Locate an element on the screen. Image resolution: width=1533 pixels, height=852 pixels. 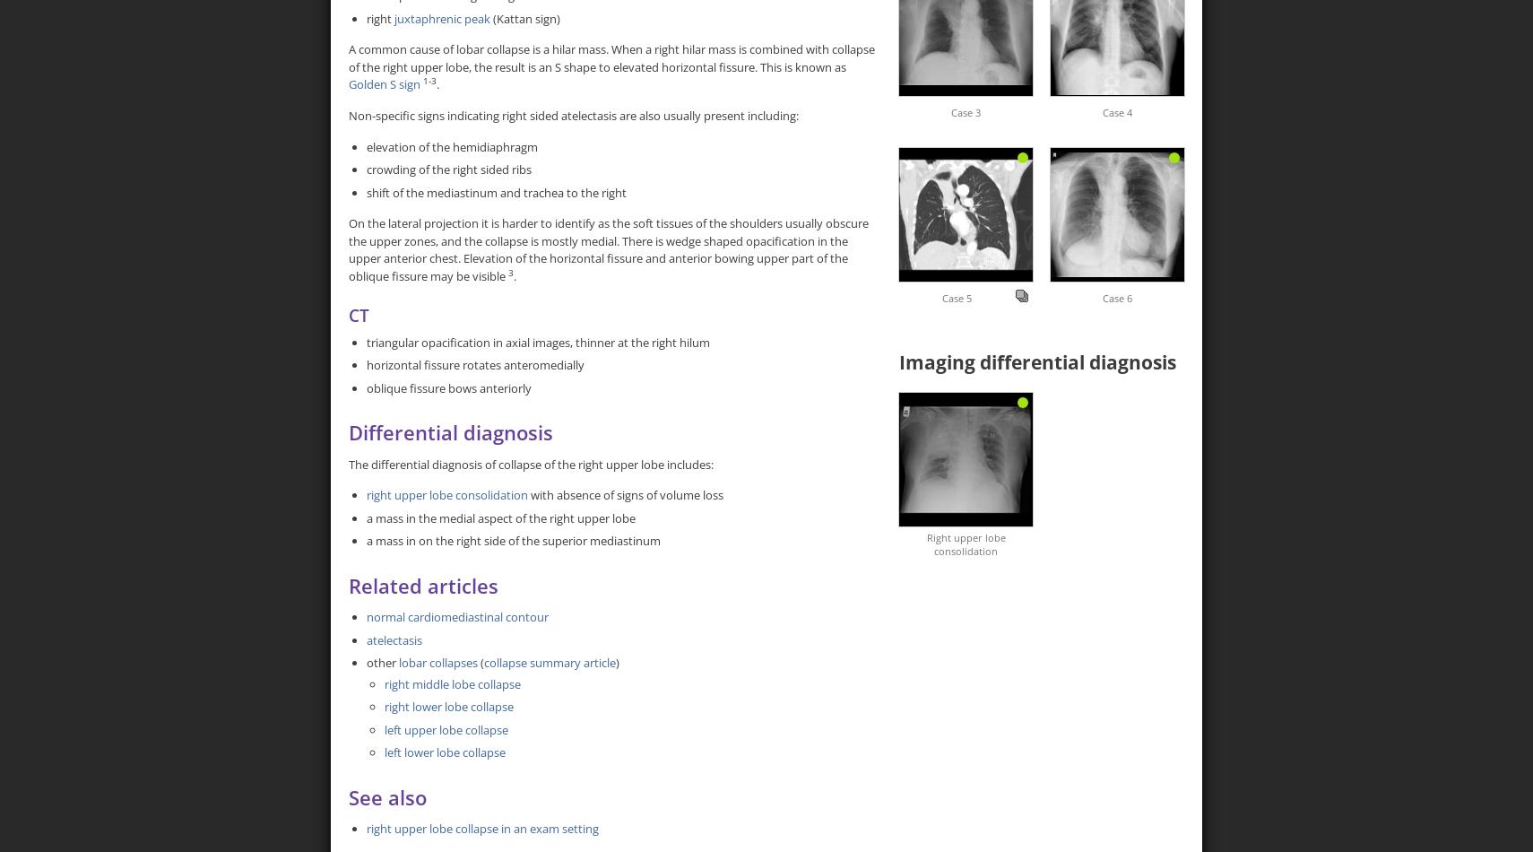
'normal cardiomediastinal contour' is located at coordinates (457, 616).